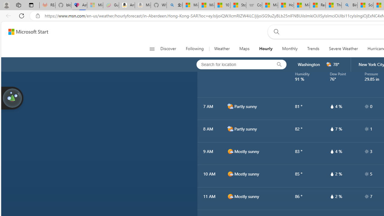 The width and height of the screenshot is (384, 216). Describe the element at coordinates (365, 5) in the screenshot. I see `'Science - MSN'` at that location.